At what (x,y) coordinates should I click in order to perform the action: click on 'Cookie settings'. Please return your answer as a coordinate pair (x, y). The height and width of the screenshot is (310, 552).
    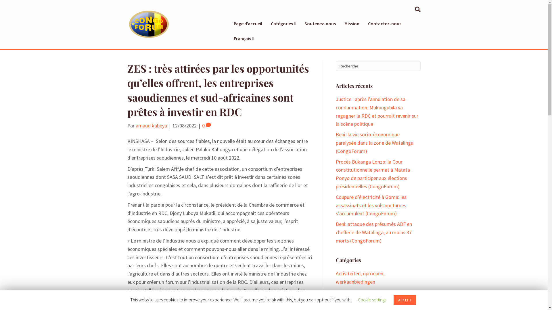
    Looking at the image, I should click on (357, 299).